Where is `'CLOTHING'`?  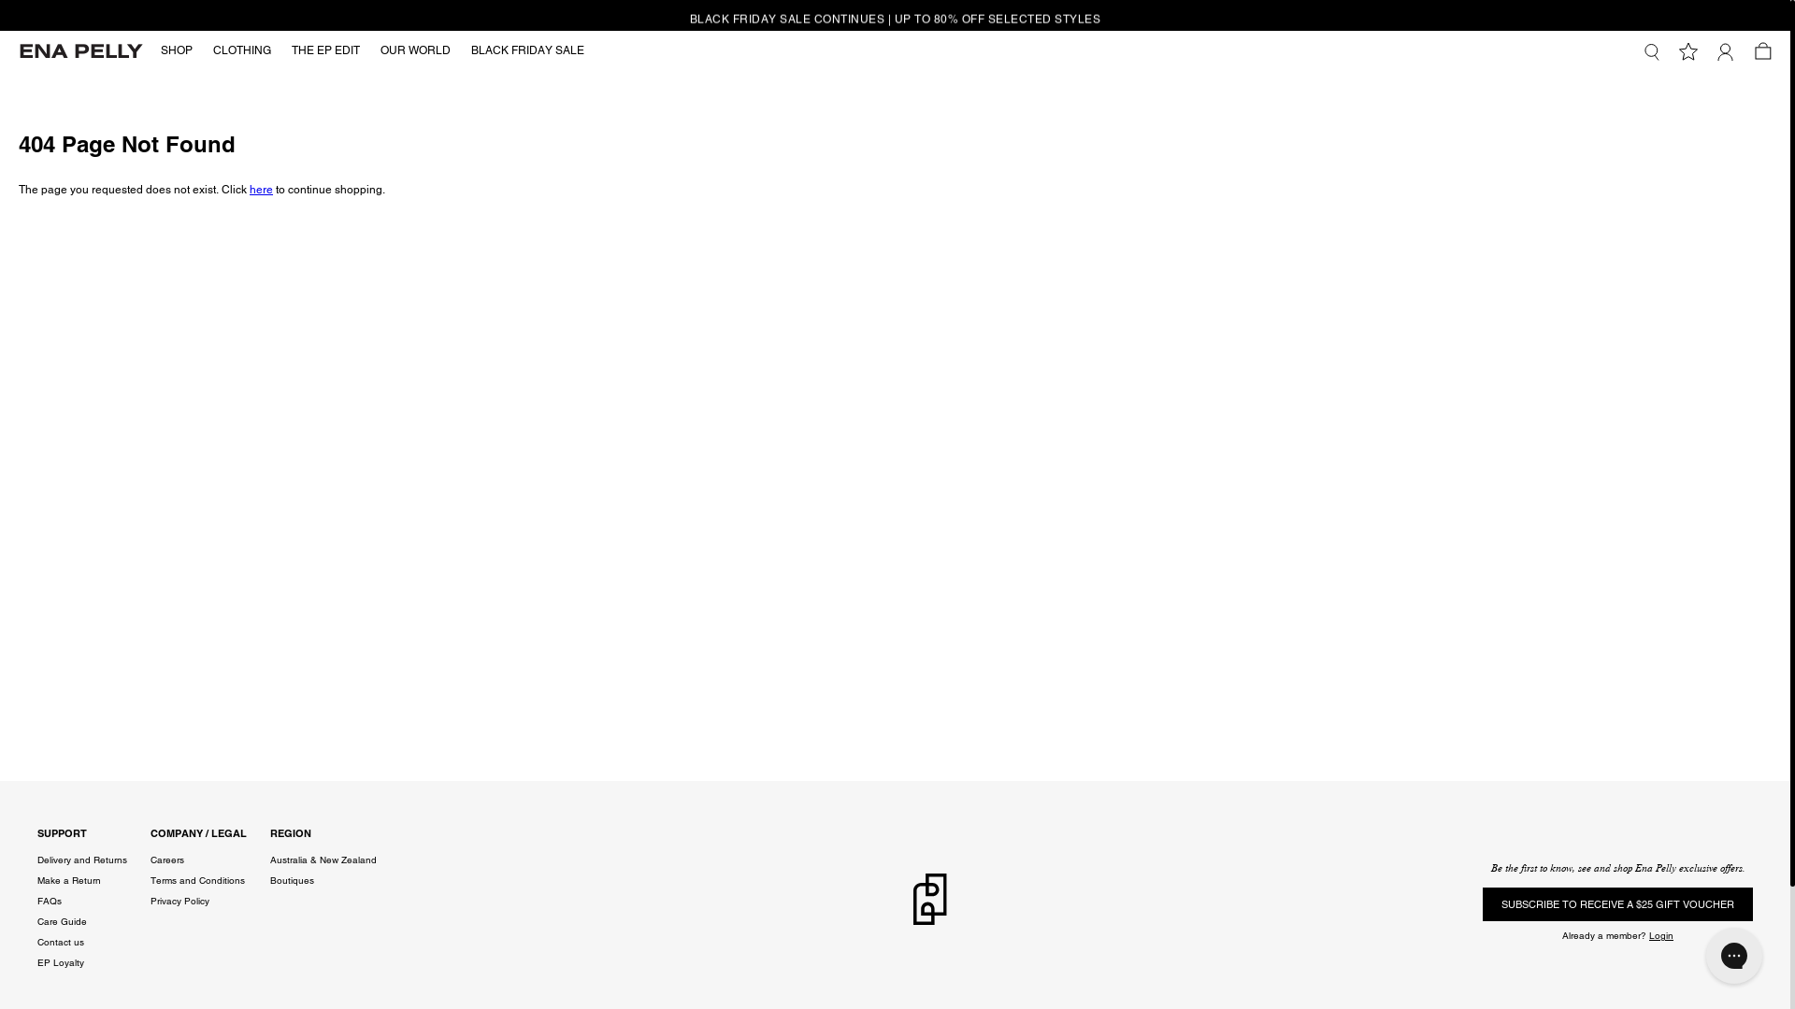 'CLOTHING' is located at coordinates (241, 50).